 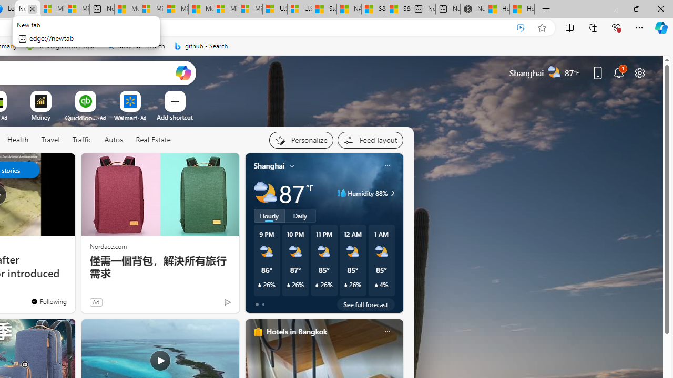 What do you see at coordinates (292, 165) in the screenshot?
I see `'My location'` at bounding box center [292, 165].